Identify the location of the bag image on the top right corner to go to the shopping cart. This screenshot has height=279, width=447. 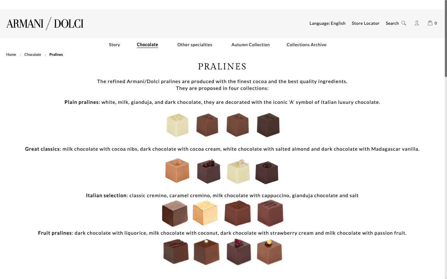
(430, 22).